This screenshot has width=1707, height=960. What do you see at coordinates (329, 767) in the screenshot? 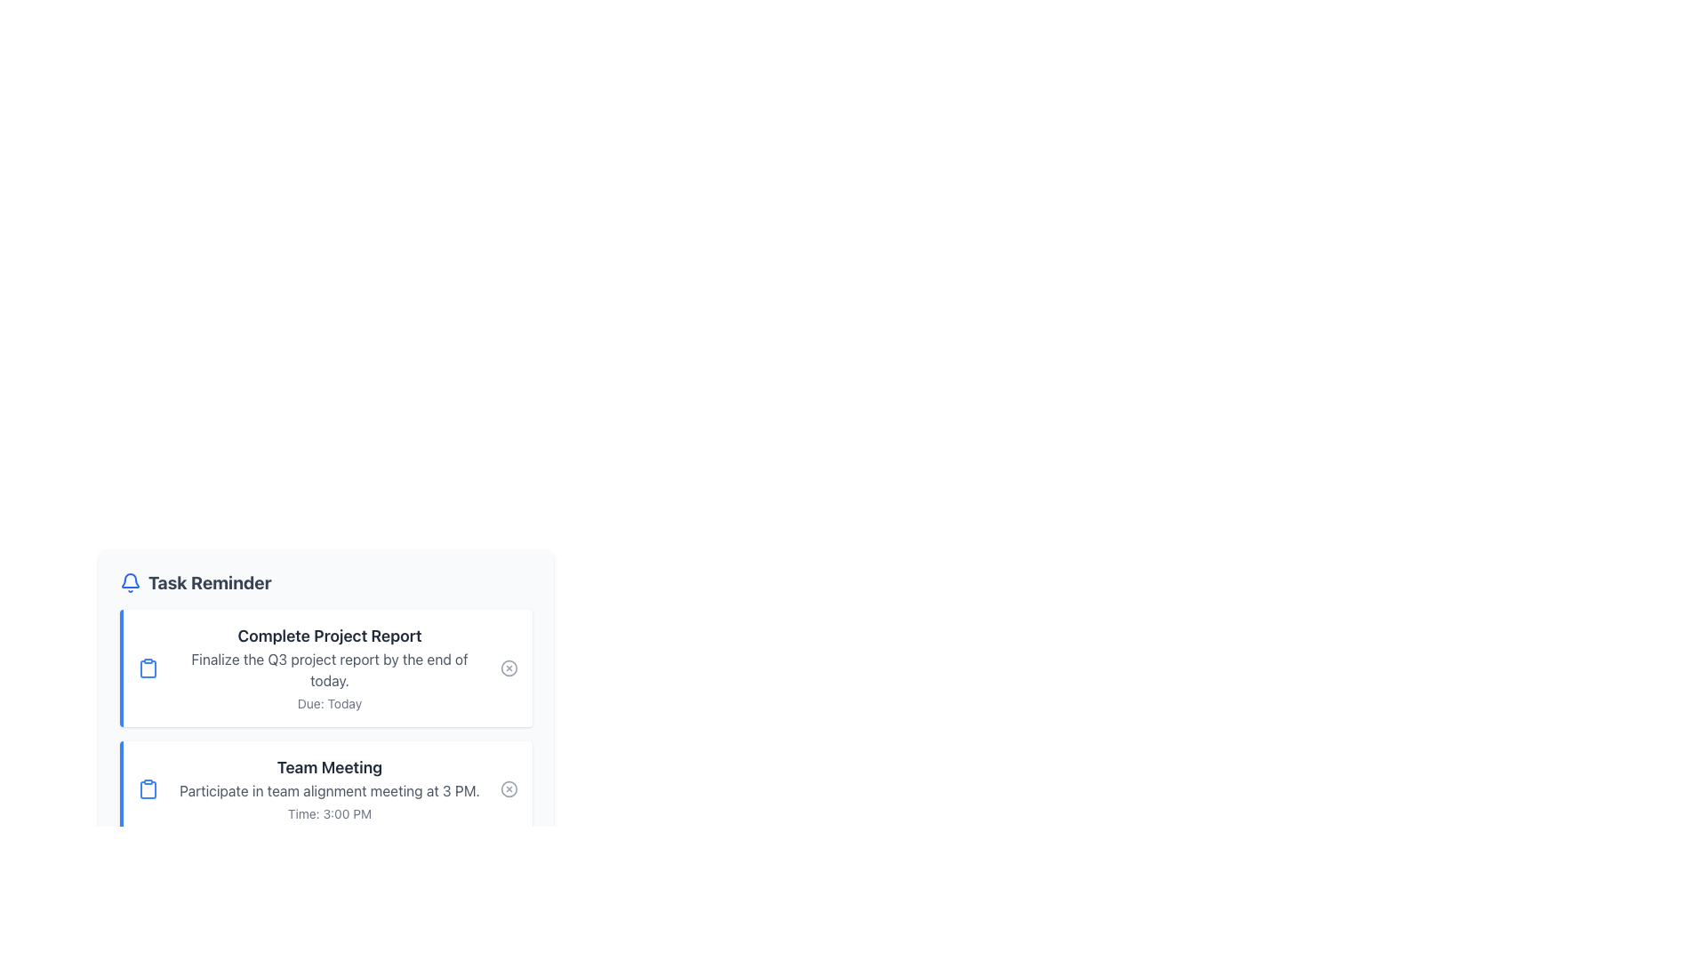
I see `the text label that serves as the title of the task in the 'Task Reminder' section, located below the 'Complete Project Report' task card` at bounding box center [329, 767].